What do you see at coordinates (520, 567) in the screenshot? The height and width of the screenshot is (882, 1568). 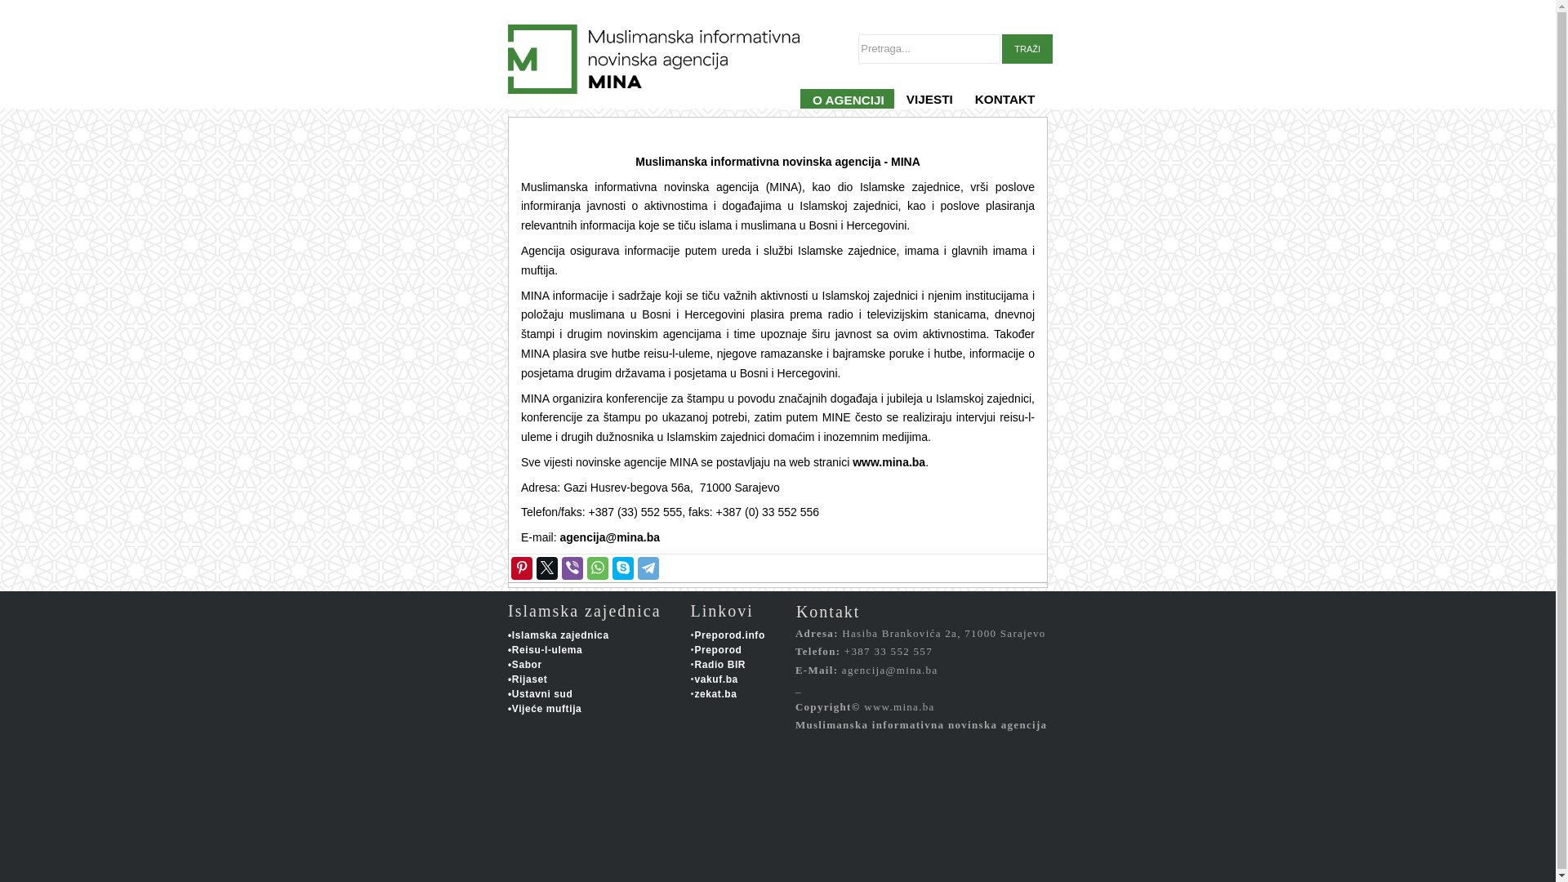 I see `'Pinterest'` at bounding box center [520, 567].